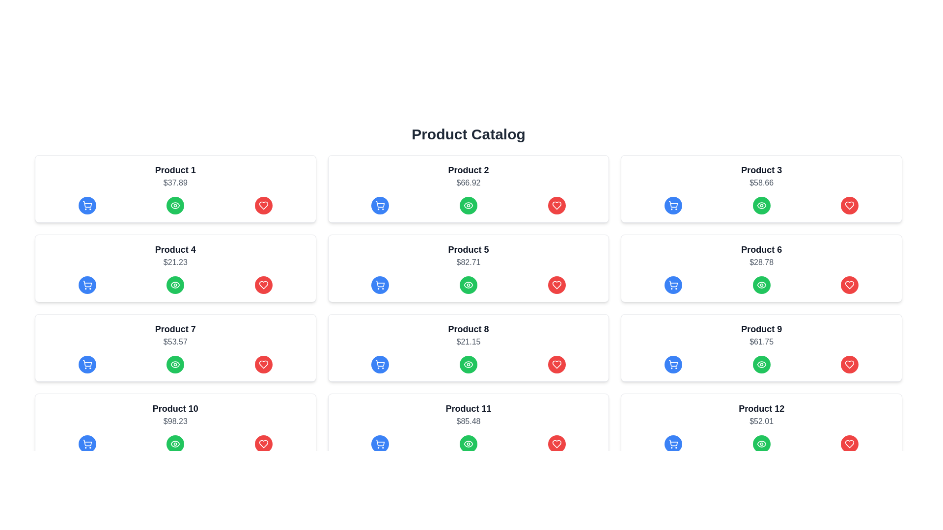 This screenshot has height=530, width=943. Describe the element at coordinates (761, 205) in the screenshot. I see `the green circular icon with a white eye symbol located in the card for 'Product 6 ($28.78)' in the second row of the product catalog` at that location.